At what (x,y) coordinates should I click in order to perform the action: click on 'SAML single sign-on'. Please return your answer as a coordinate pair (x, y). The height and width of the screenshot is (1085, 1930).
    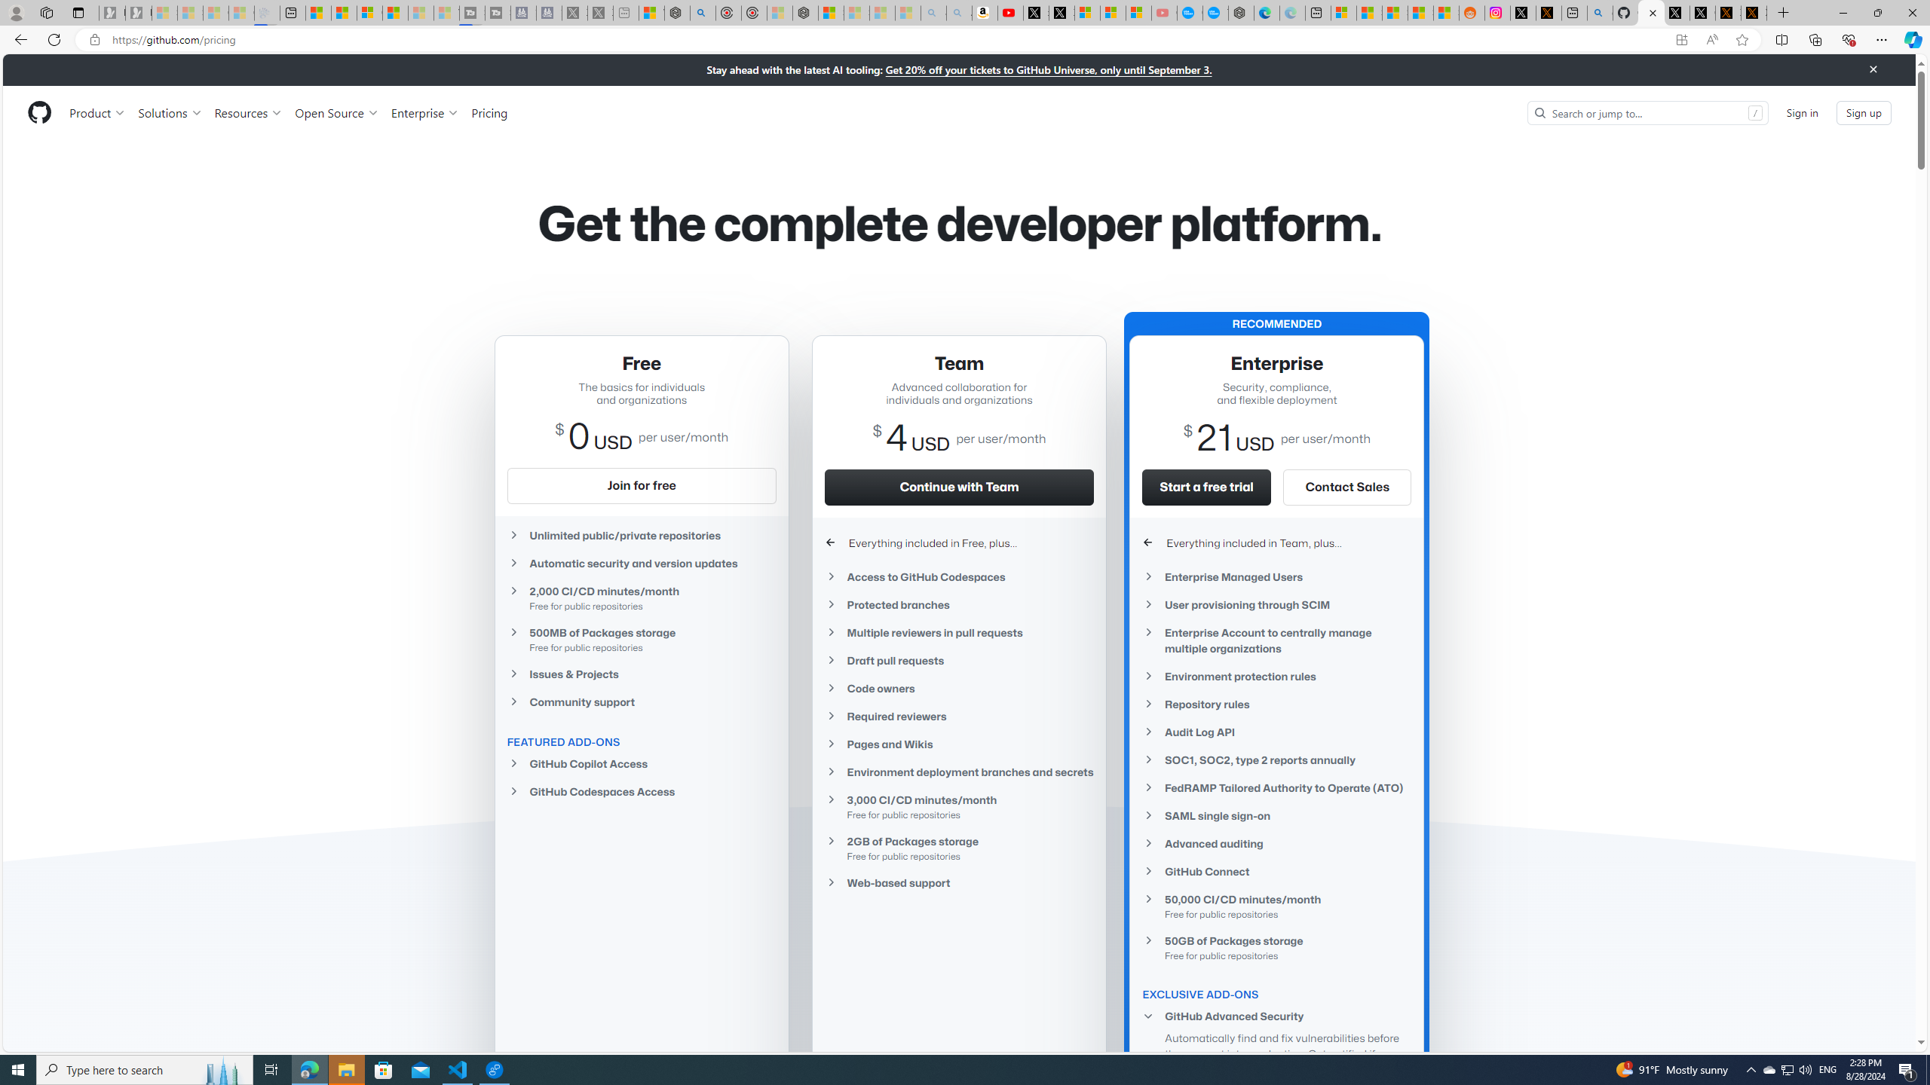
    Looking at the image, I should click on (1276, 815).